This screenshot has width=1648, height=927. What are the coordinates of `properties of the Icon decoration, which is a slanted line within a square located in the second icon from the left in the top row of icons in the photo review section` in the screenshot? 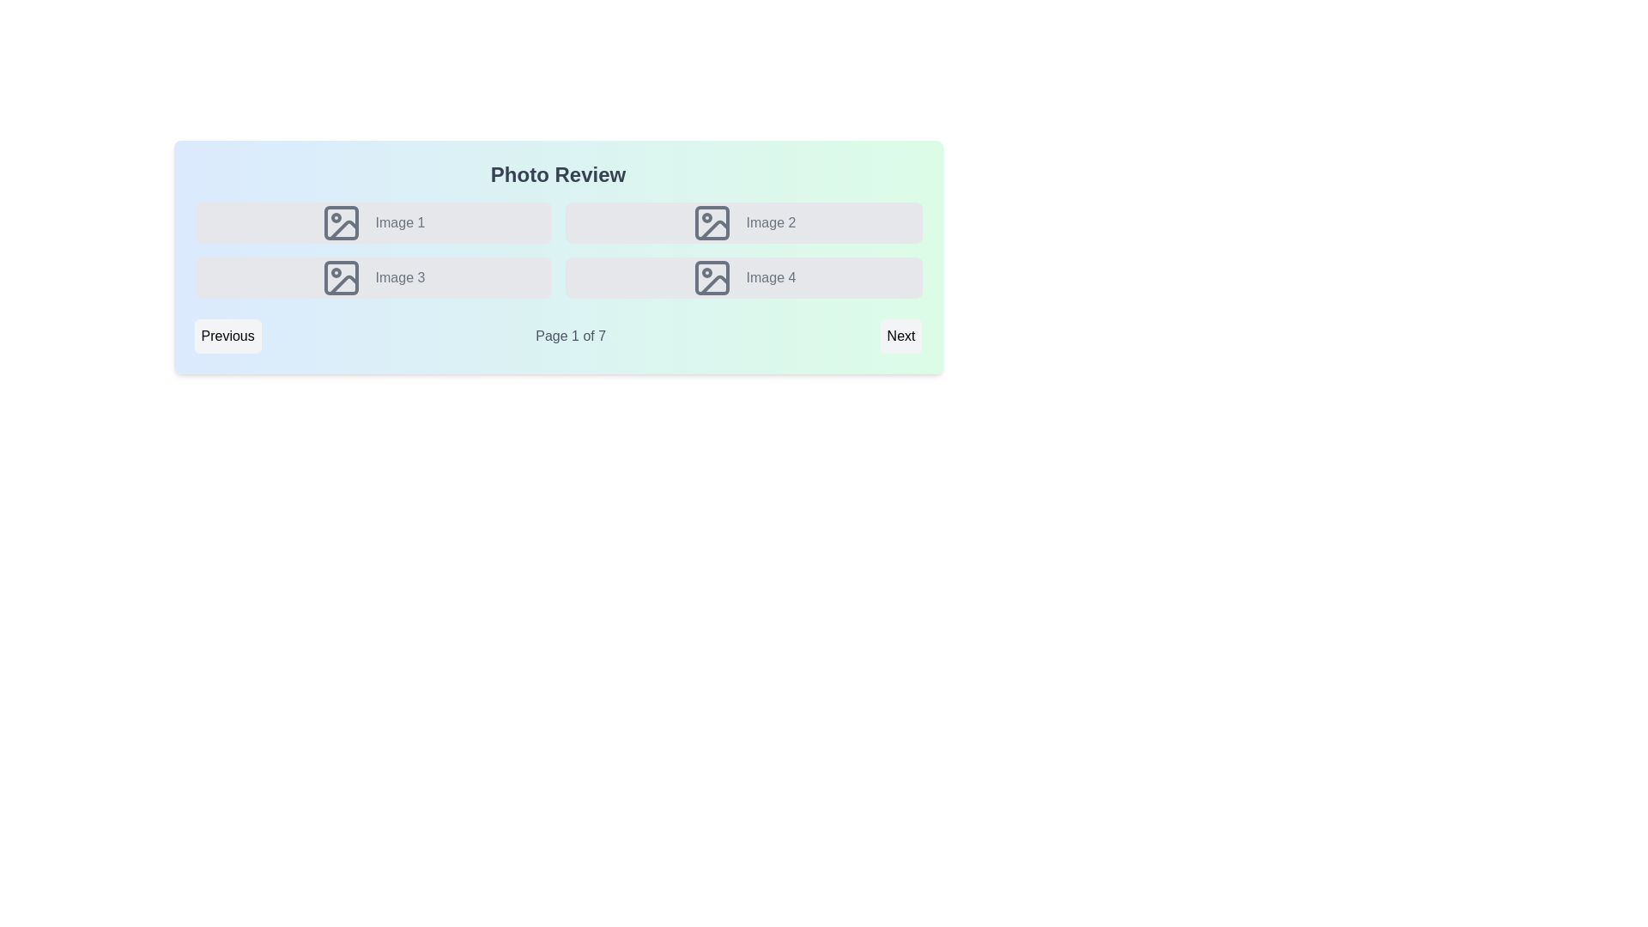 It's located at (714, 229).